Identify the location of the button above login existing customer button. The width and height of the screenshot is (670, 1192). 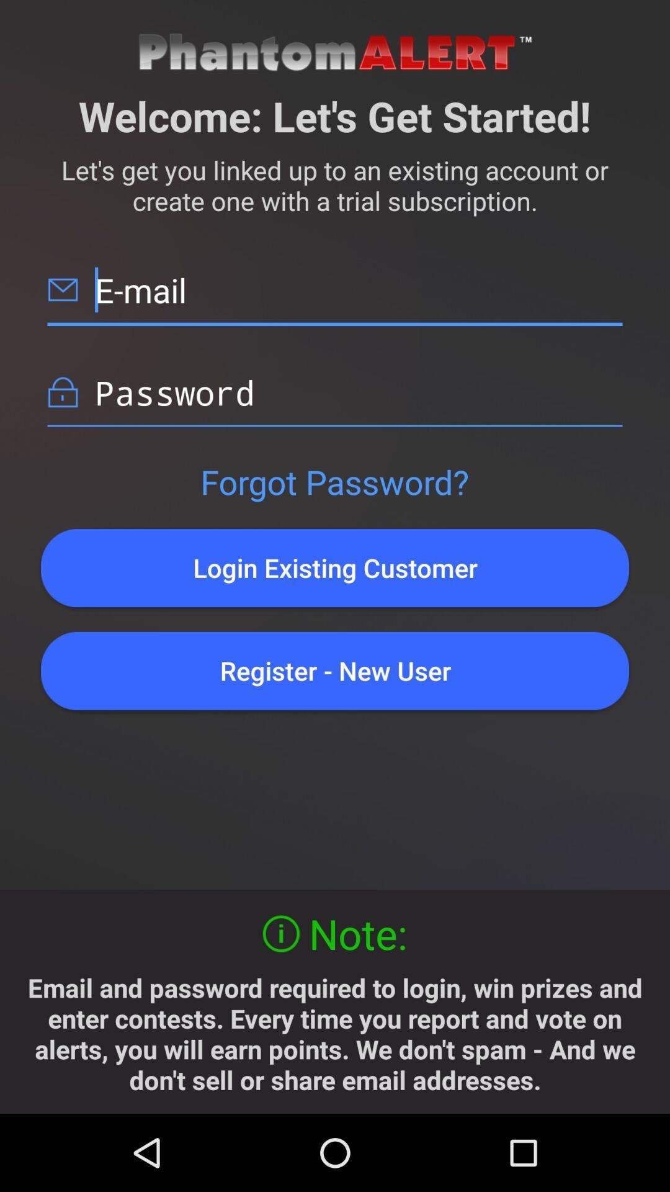
(334, 481).